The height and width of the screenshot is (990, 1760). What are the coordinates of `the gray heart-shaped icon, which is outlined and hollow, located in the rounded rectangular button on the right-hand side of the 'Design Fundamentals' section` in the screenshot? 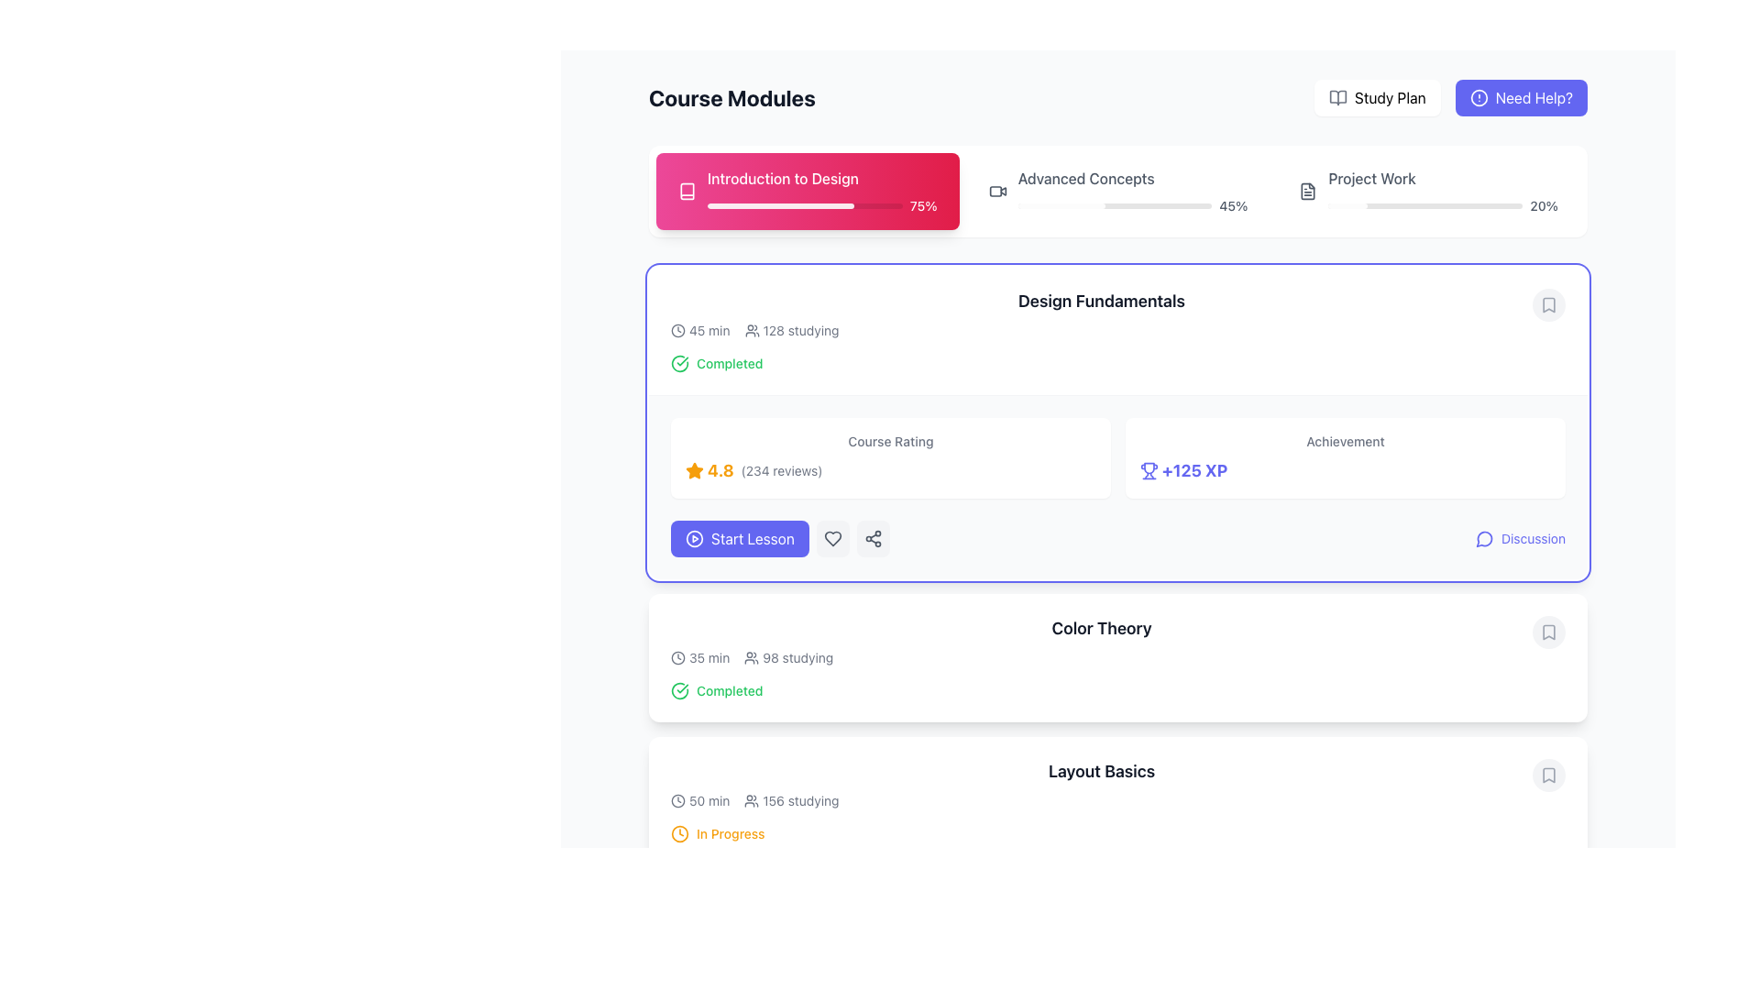 It's located at (831, 537).